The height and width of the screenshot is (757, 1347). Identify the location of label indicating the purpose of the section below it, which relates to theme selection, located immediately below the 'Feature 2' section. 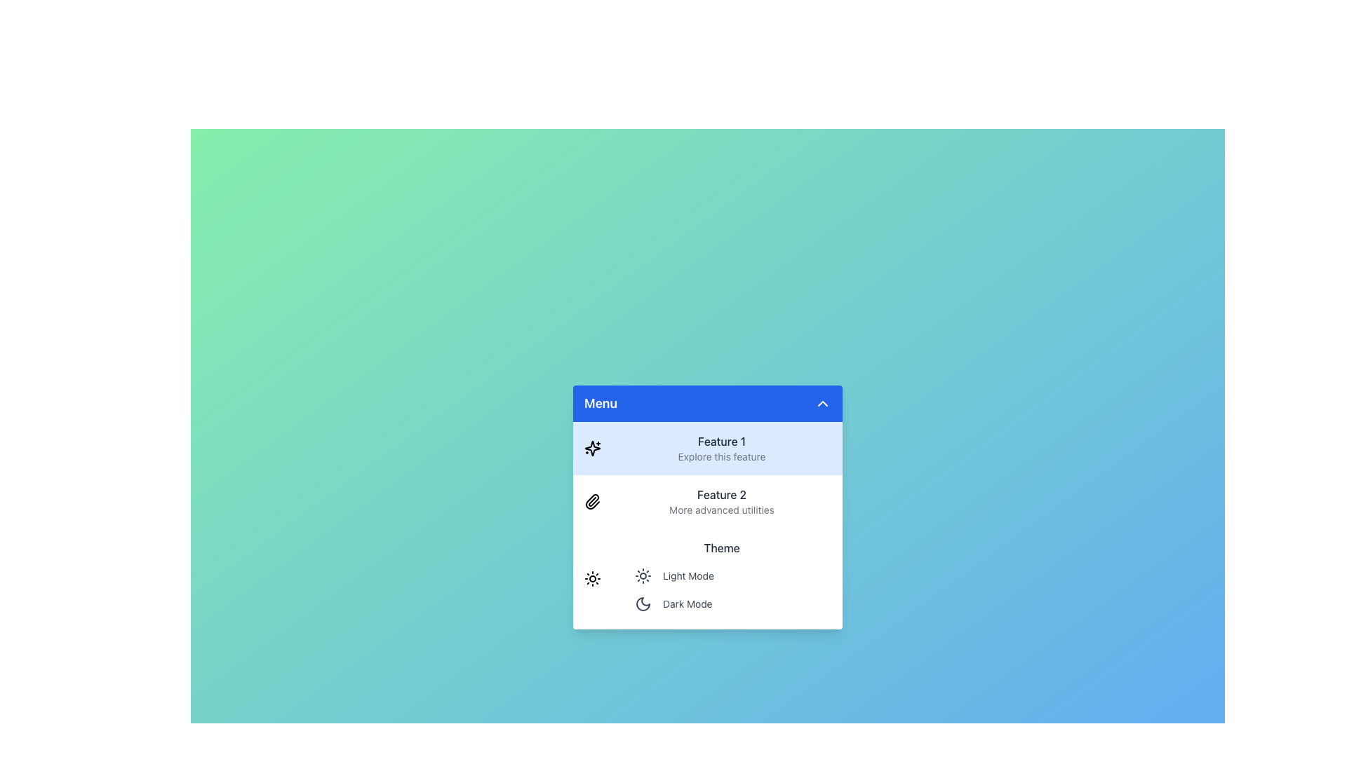
(721, 547).